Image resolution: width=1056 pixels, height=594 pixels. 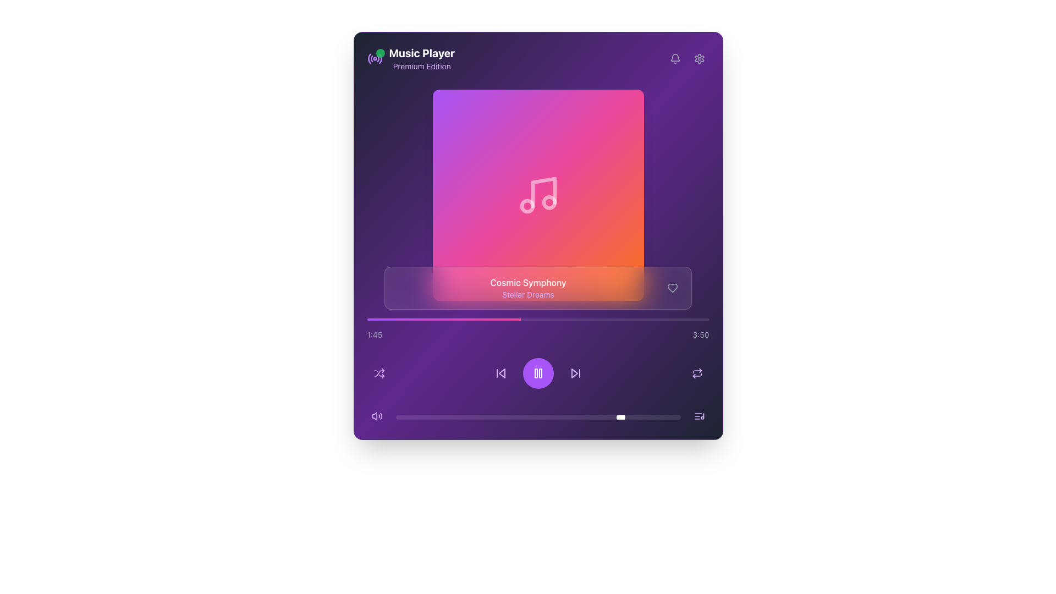 What do you see at coordinates (503, 417) in the screenshot?
I see `the slider` at bounding box center [503, 417].